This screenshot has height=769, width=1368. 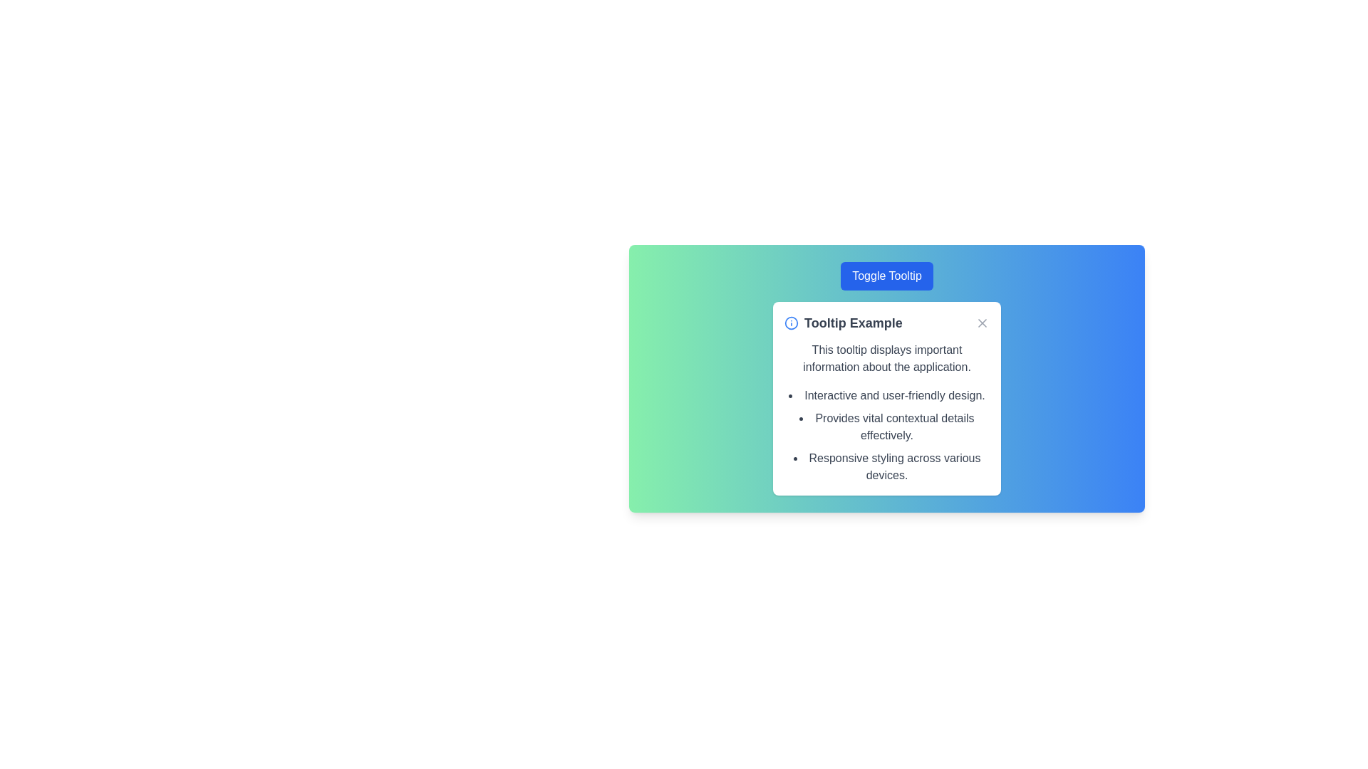 I want to click on the blue button labeled 'Toggle Tooltip', so click(x=886, y=276).